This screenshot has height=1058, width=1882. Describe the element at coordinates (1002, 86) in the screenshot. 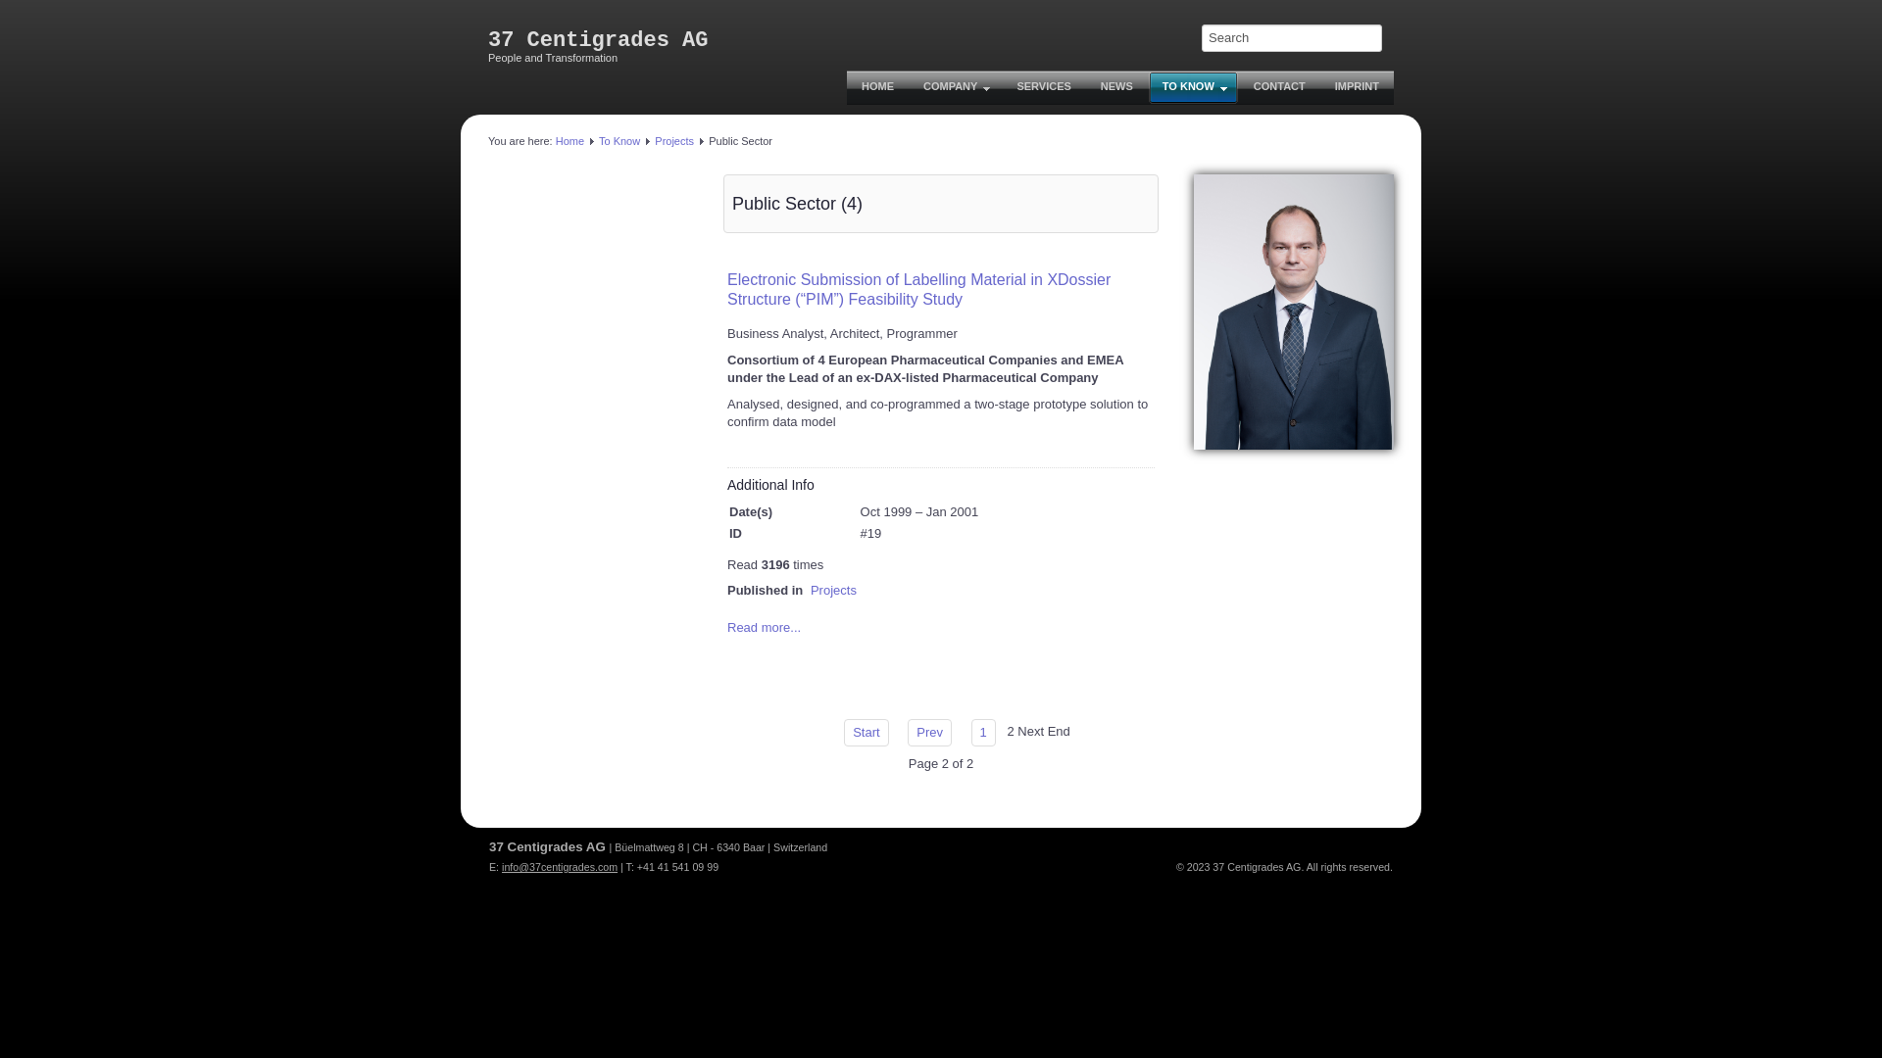

I see `'SERVICES'` at that location.